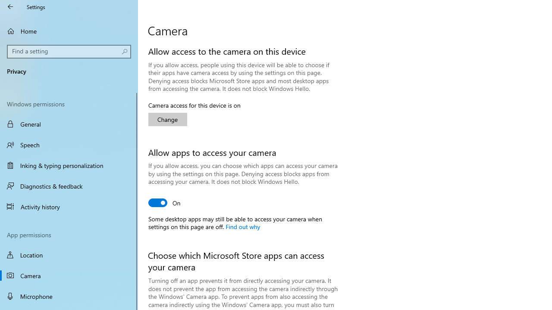 This screenshot has height=310, width=552. Describe the element at coordinates (69, 165) in the screenshot. I see `'Inking & typing personalization'` at that location.